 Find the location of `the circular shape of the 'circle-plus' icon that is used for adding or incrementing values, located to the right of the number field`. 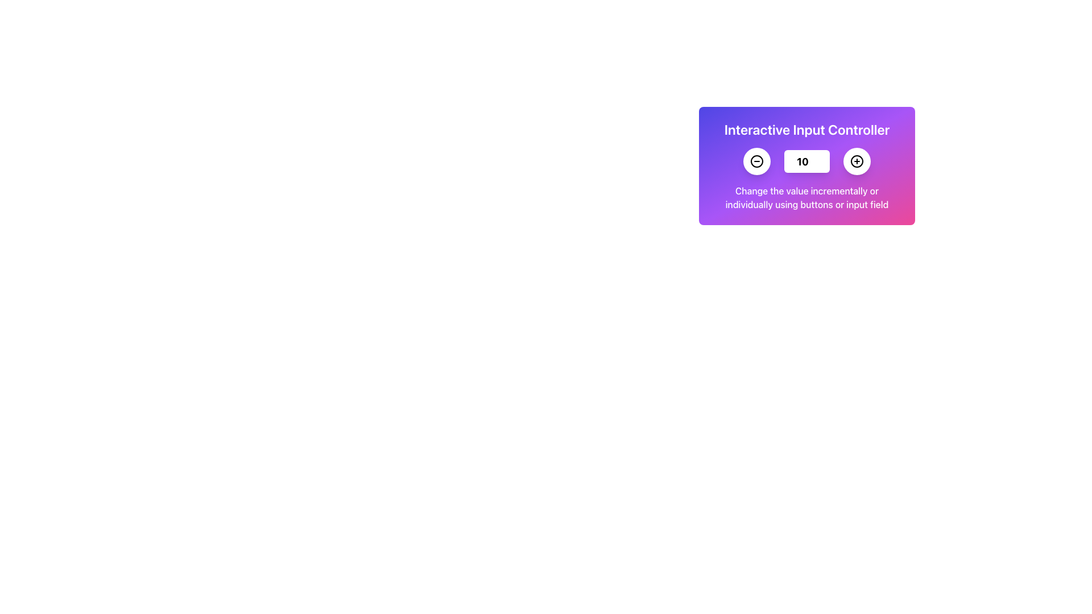

the circular shape of the 'circle-plus' icon that is used for adding or incrementing values, located to the right of the number field is located at coordinates (857, 161).